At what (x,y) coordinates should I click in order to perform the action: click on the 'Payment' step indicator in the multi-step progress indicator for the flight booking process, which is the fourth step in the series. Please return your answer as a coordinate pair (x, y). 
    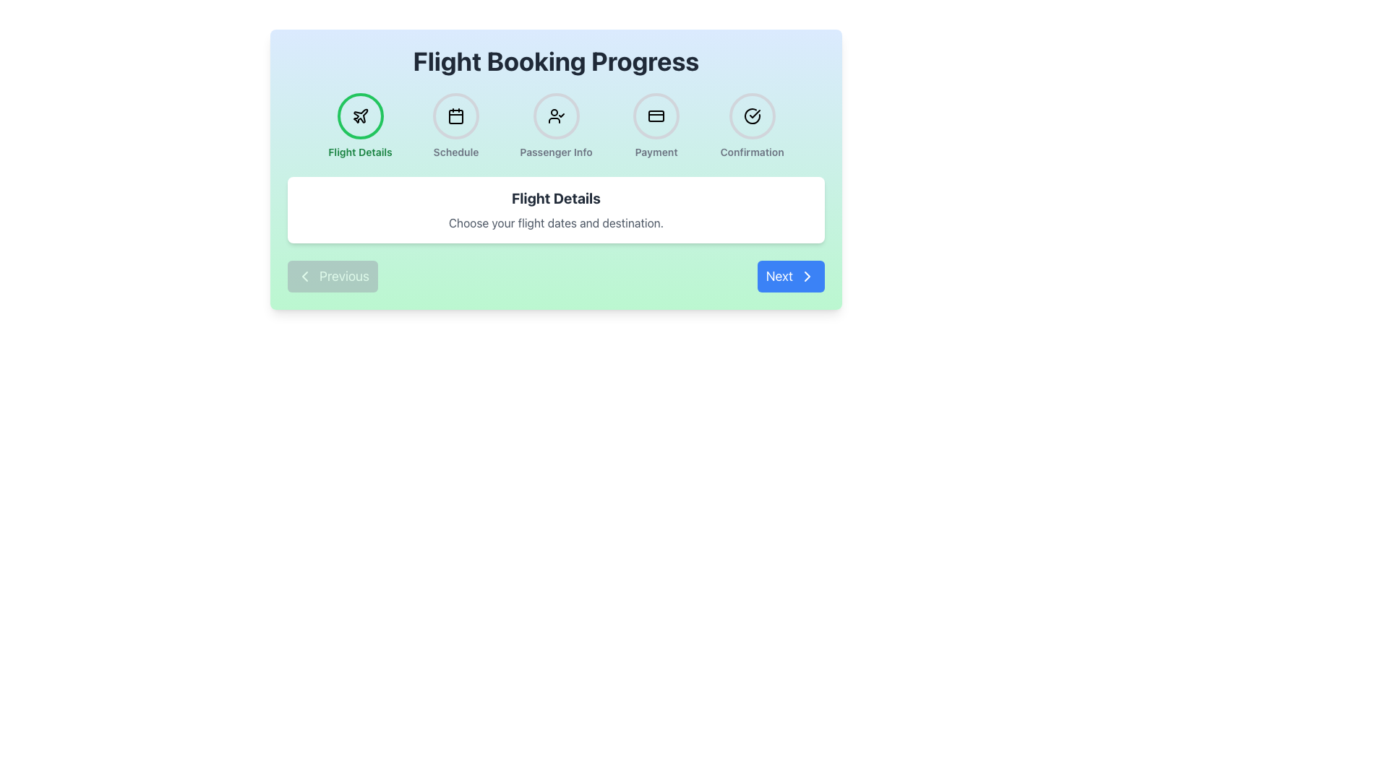
    Looking at the image, I should click on (656, 125).